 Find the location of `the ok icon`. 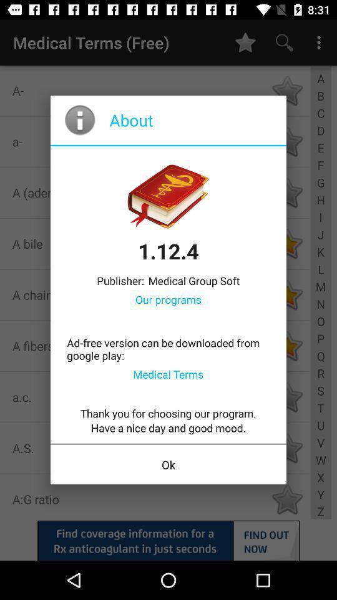

the ok icon is located at coordinates (168, 464).